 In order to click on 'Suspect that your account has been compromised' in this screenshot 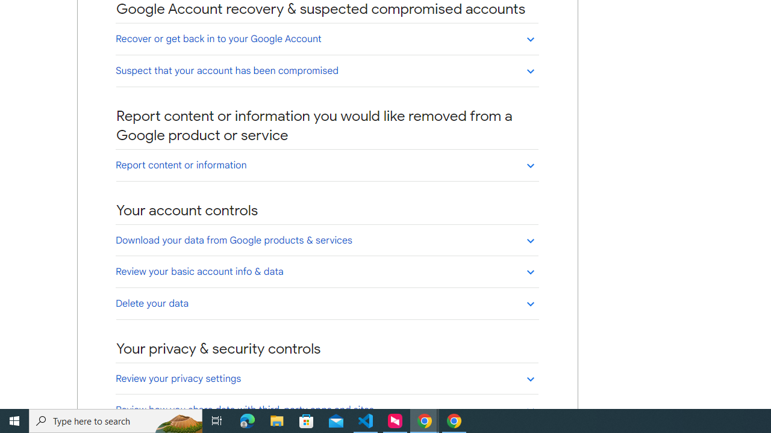, I will do `click(326, 70)`.